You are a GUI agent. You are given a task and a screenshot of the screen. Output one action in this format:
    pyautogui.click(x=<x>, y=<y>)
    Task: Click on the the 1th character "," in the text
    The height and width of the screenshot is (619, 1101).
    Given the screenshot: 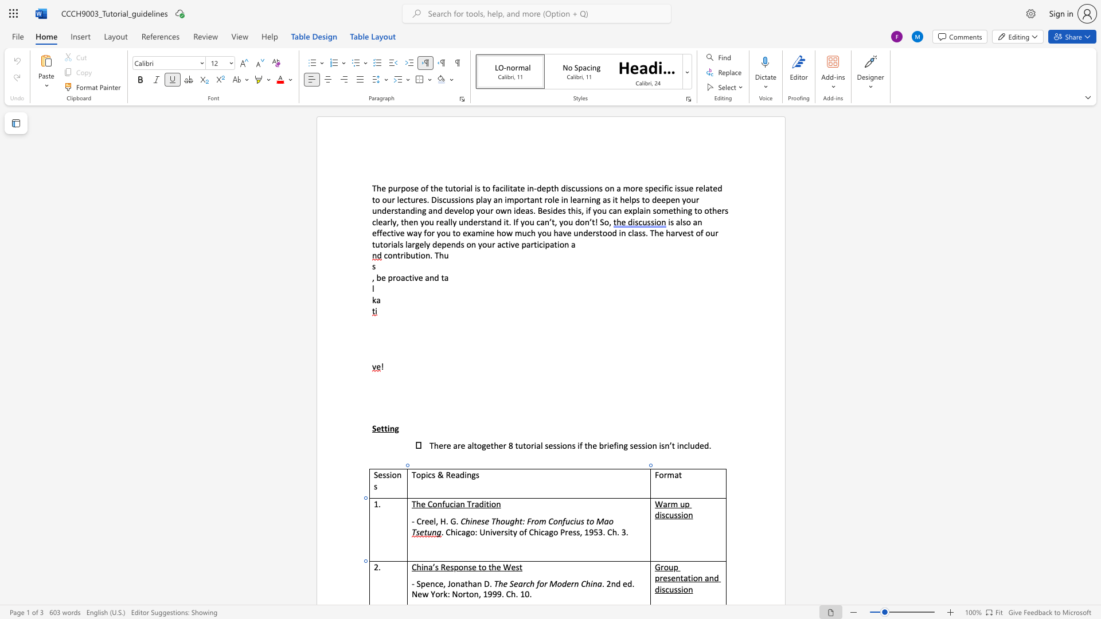 What is the action you would take?
    pyautogui.click(x=436, y=521)
    